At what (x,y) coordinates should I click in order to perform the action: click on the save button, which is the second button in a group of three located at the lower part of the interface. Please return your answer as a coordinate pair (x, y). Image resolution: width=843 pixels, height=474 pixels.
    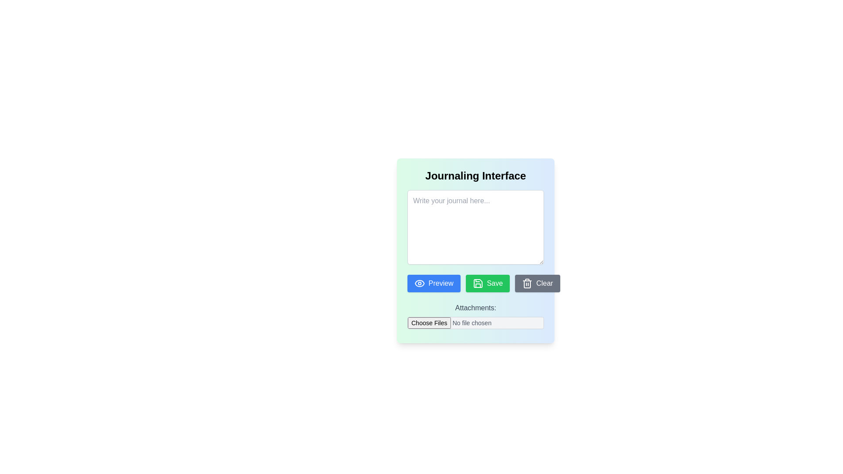
    Looking at the image, I should click on (487, 283).